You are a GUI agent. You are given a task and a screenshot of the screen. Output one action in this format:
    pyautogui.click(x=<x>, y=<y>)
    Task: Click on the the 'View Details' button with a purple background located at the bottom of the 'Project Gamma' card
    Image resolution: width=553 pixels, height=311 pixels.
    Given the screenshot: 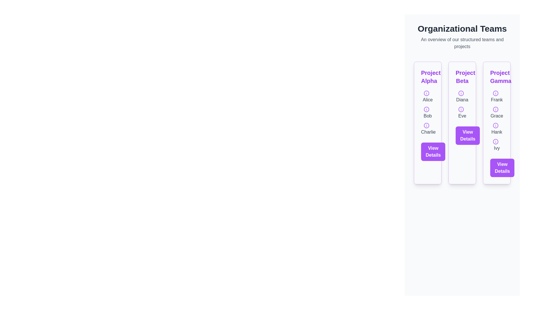 What is the action you would take?
    pyautogui.click(x=502, y=168)
    